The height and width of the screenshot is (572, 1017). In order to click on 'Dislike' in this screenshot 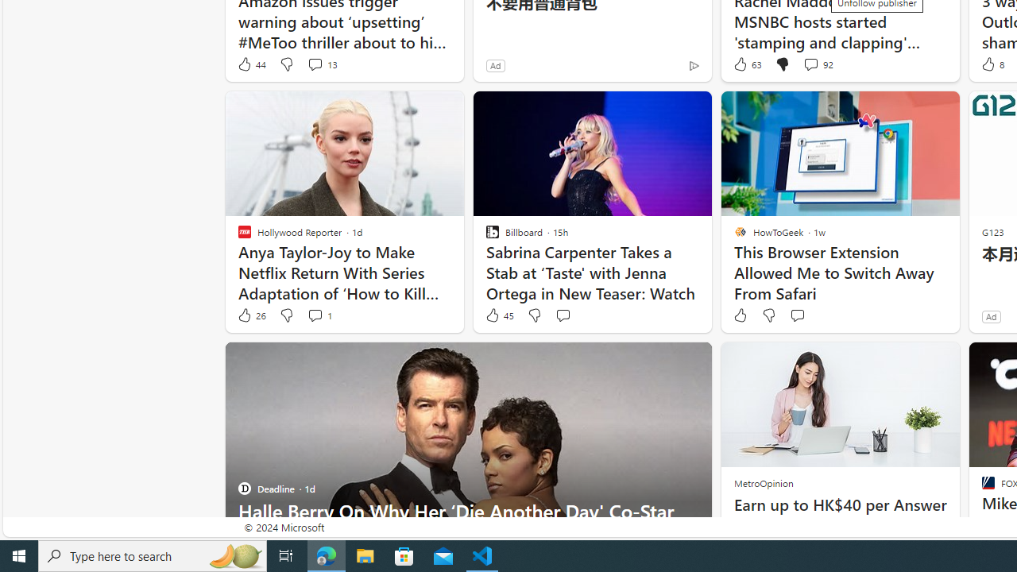, I will do `click(768, 315)`.